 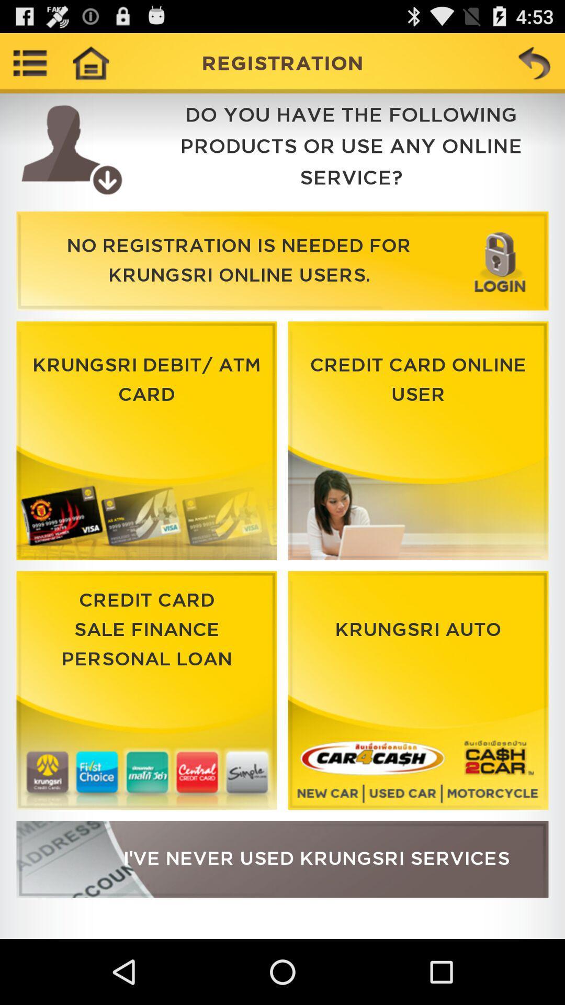 What do you see at coordinates (146, 690) in the screenshot?
I see `credit card` at bounding box center [146, 690].